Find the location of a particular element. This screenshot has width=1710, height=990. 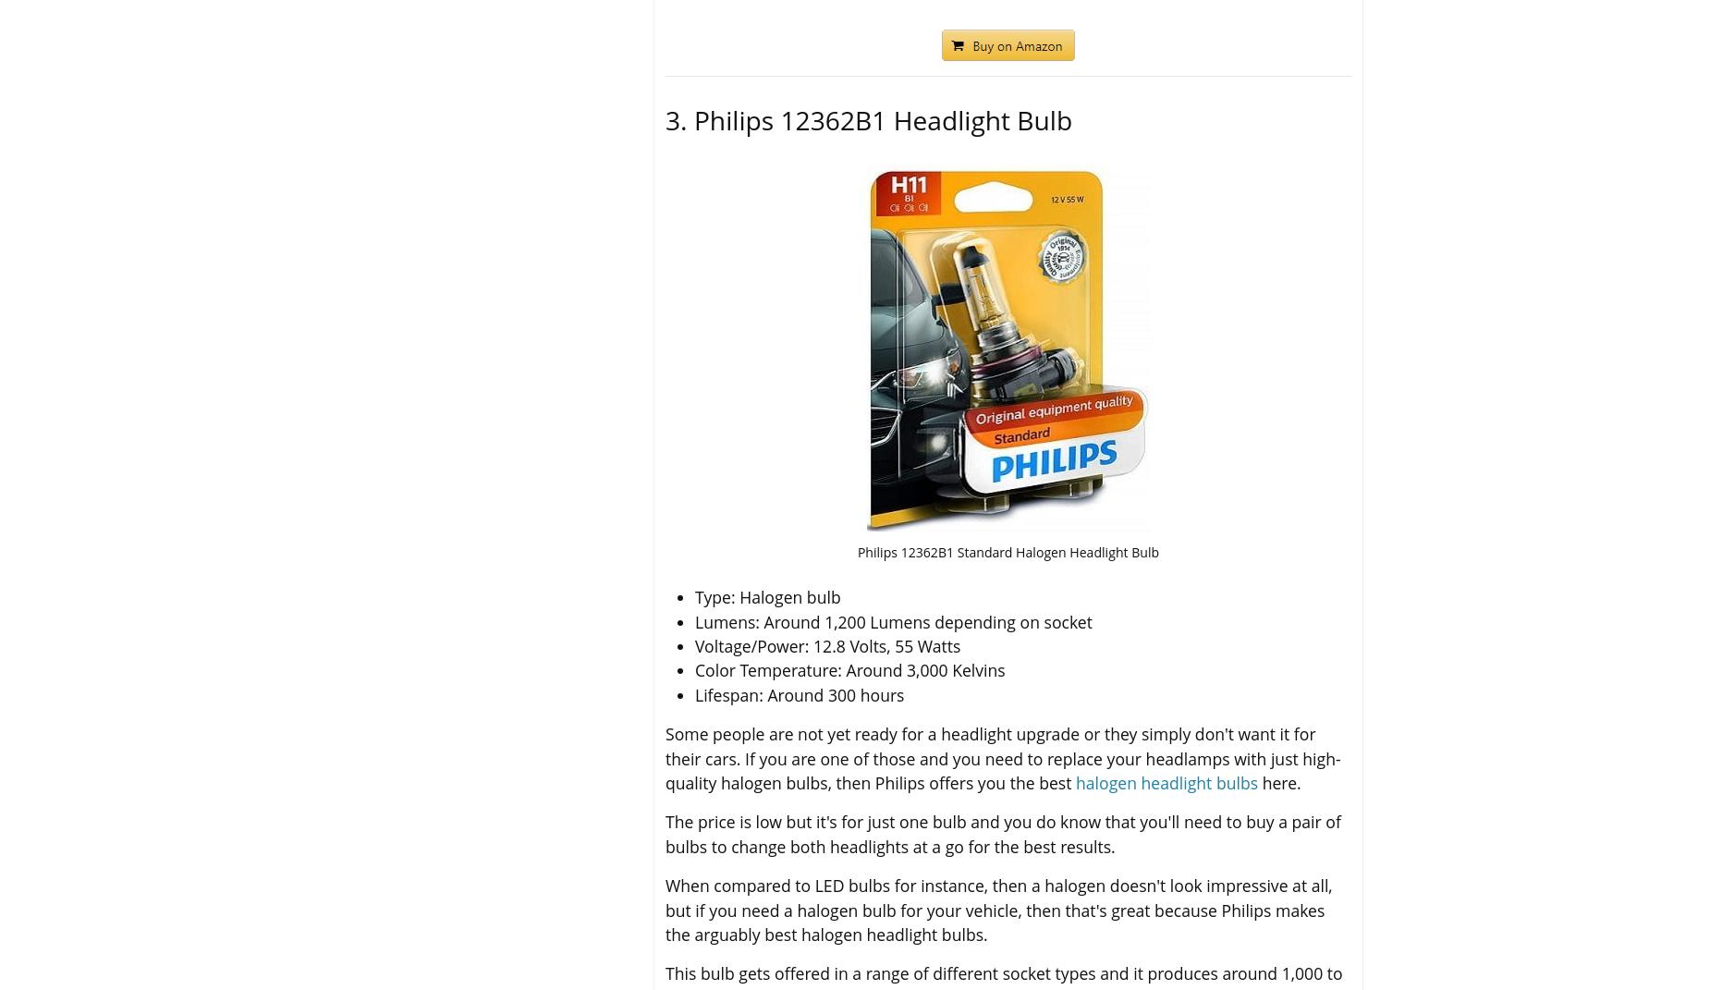

'Some people are not yet ready for a headlight upgrade or they simply don't want it for their cars. If you are one of those and you need to replace your headlamps with just high-quality halogen bulbs, then Philips offers you the best' is located at coordinates (1002, 757).